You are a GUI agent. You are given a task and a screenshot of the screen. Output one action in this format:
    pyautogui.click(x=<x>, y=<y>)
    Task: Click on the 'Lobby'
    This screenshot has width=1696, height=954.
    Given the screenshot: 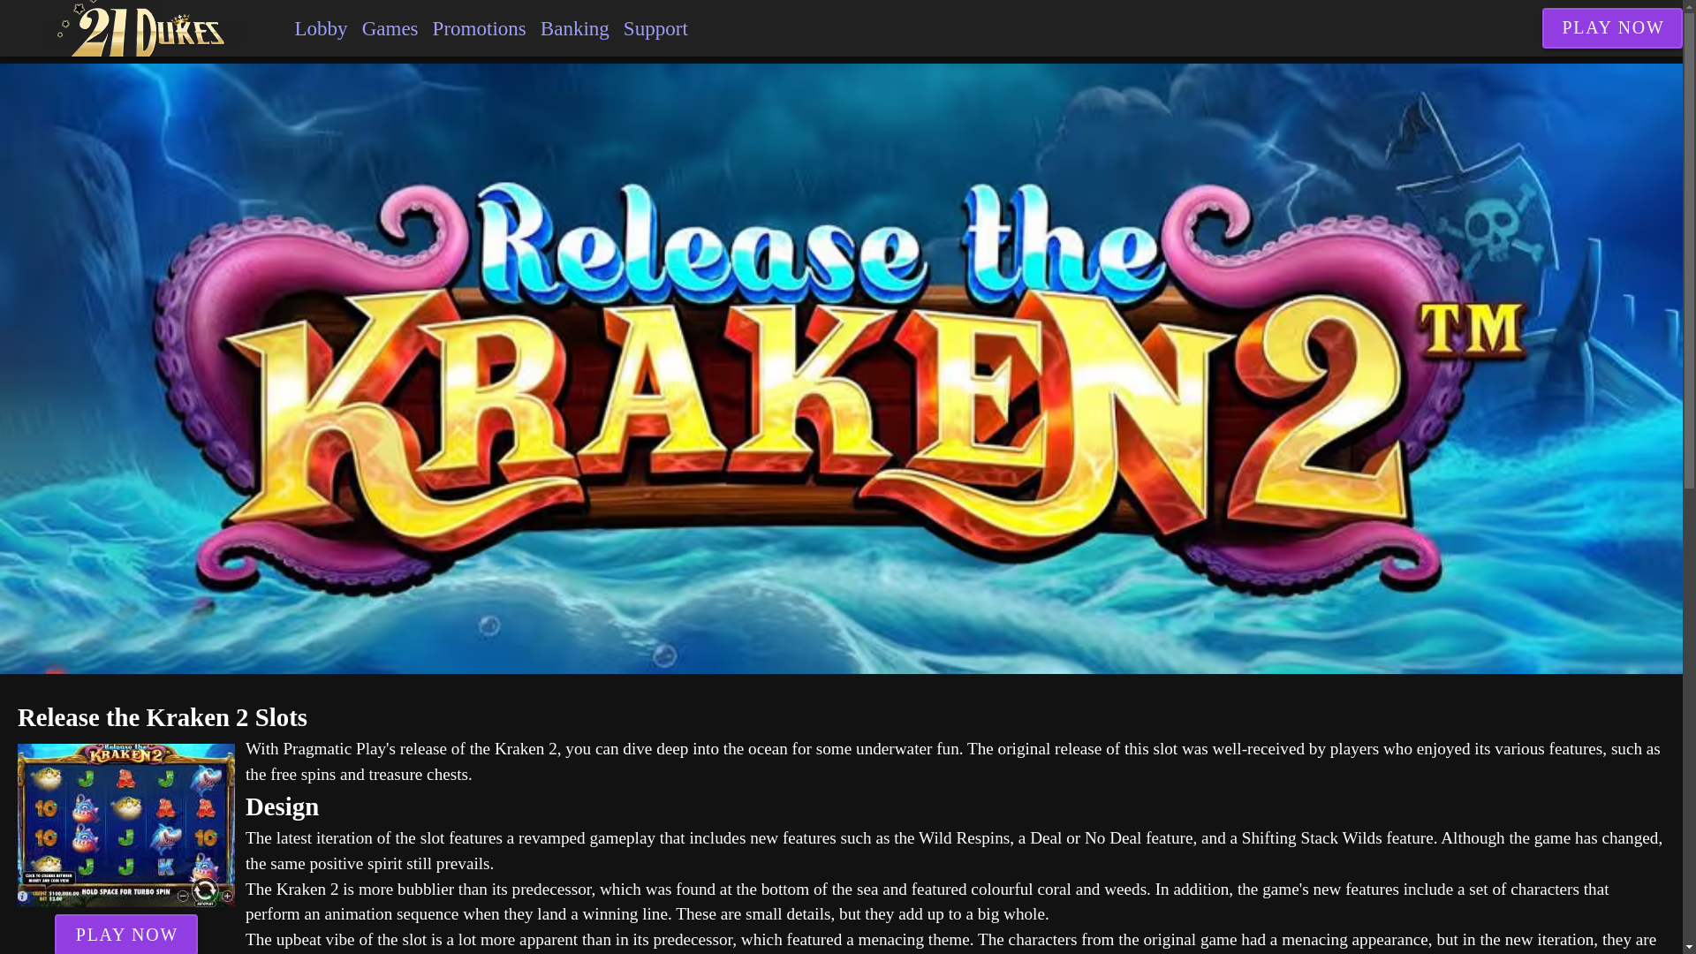 What is the action you would take?
    pyautogui.click(x=321, y=27)
    